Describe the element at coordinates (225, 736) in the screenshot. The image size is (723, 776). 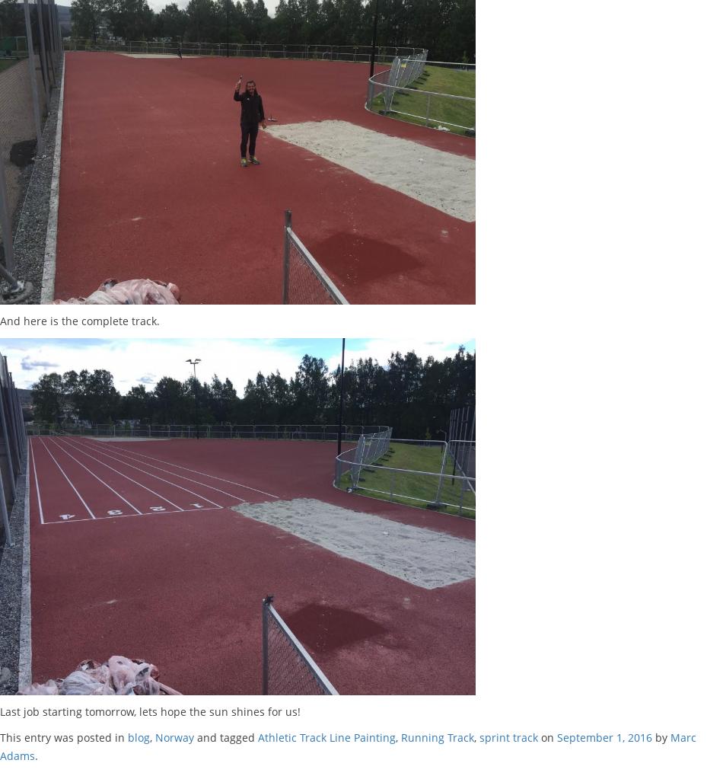
I see `'and tagged'` at that location.